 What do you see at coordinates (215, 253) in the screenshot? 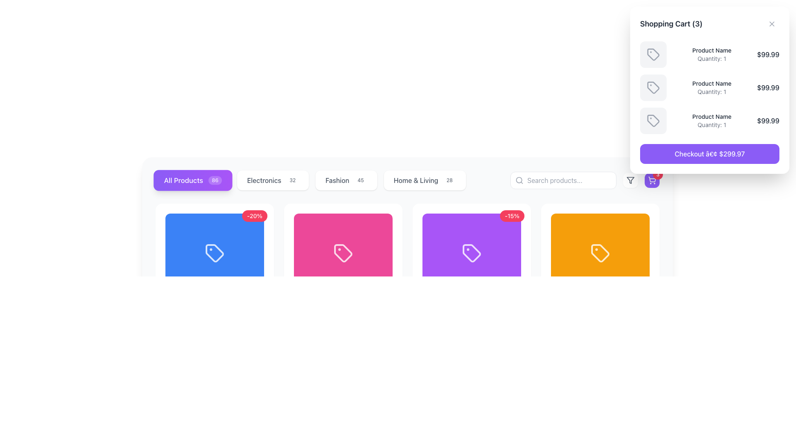
I see `the tag-shaped icon outlined in light blue, located in the center of the blue card in the first column of the grid layout` at bounding box center [215, 253].